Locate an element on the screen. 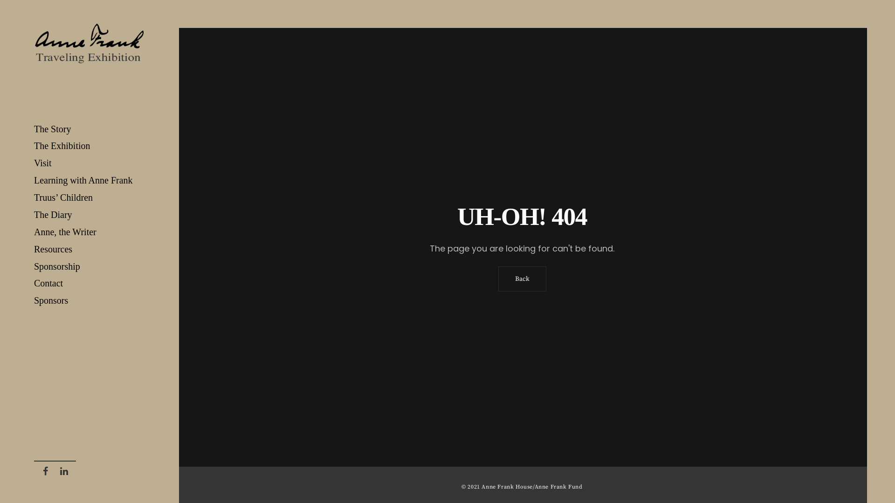 The width and height of the screenshot is (895, 503). 'Learning with Anne Frank' is located at coordinates (89, 180).